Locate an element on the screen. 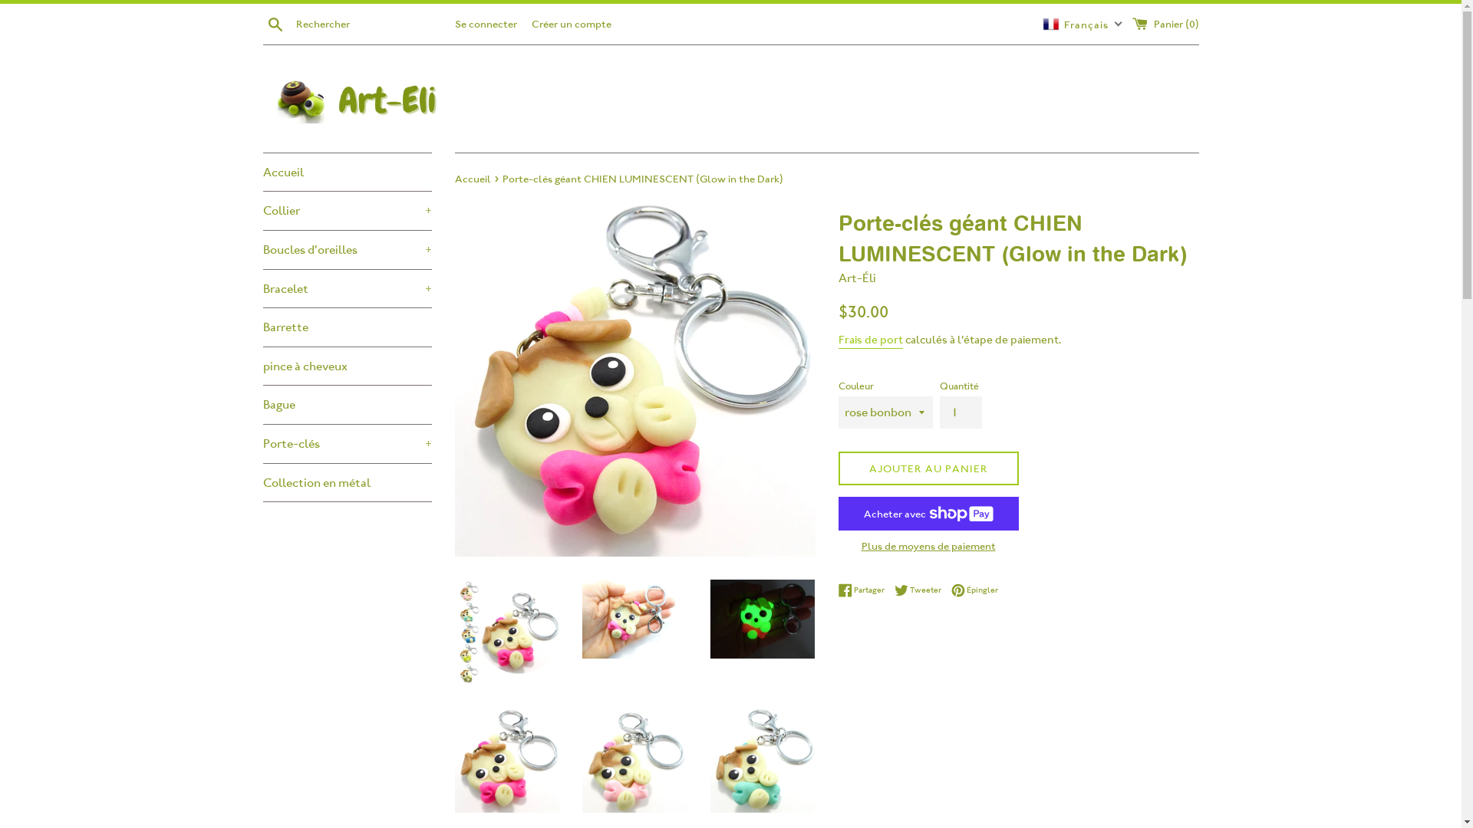 This screenshot has height=828, width=1473. 'Boucles d'oreilles is located at coordinates (345, 249).